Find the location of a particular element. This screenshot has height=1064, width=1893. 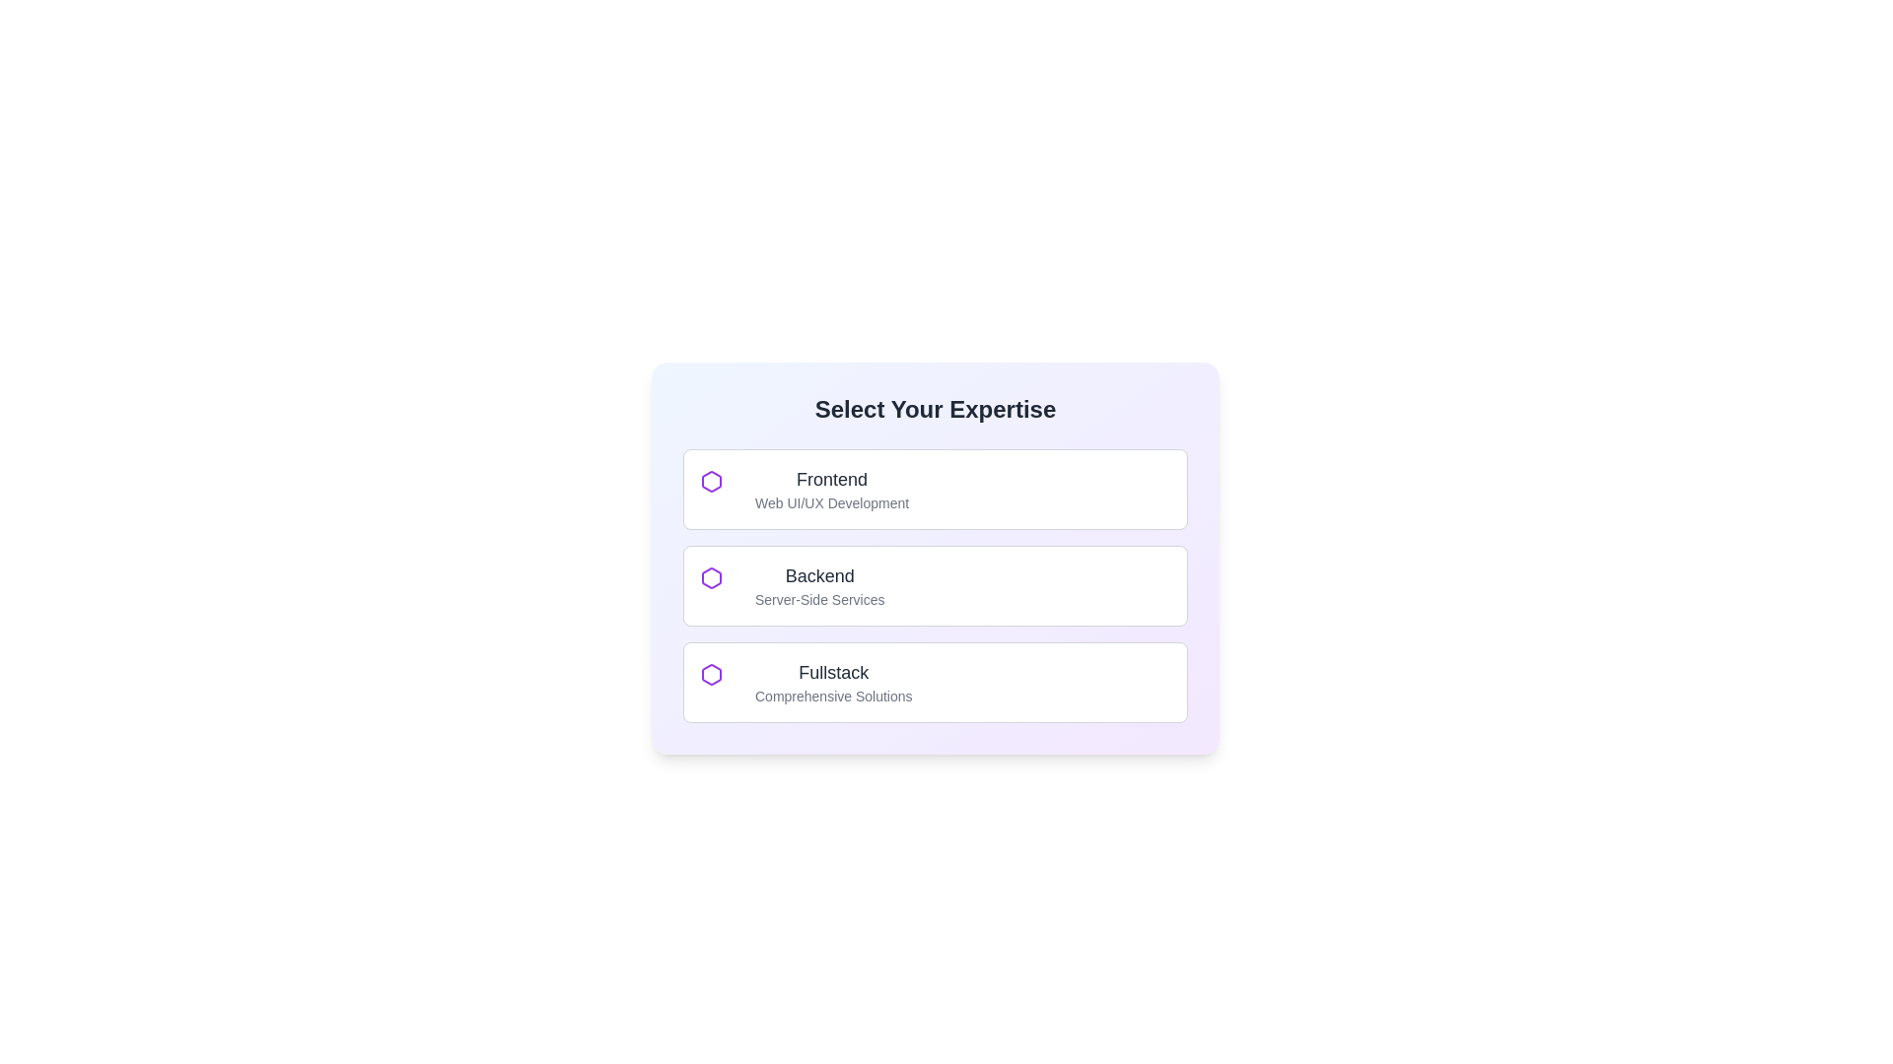

to select the second option in the interactive selection field for backend services, which is positioned below the 'Frontend' option and above the 'Fullstack' option is located at coordinates (935, 584).